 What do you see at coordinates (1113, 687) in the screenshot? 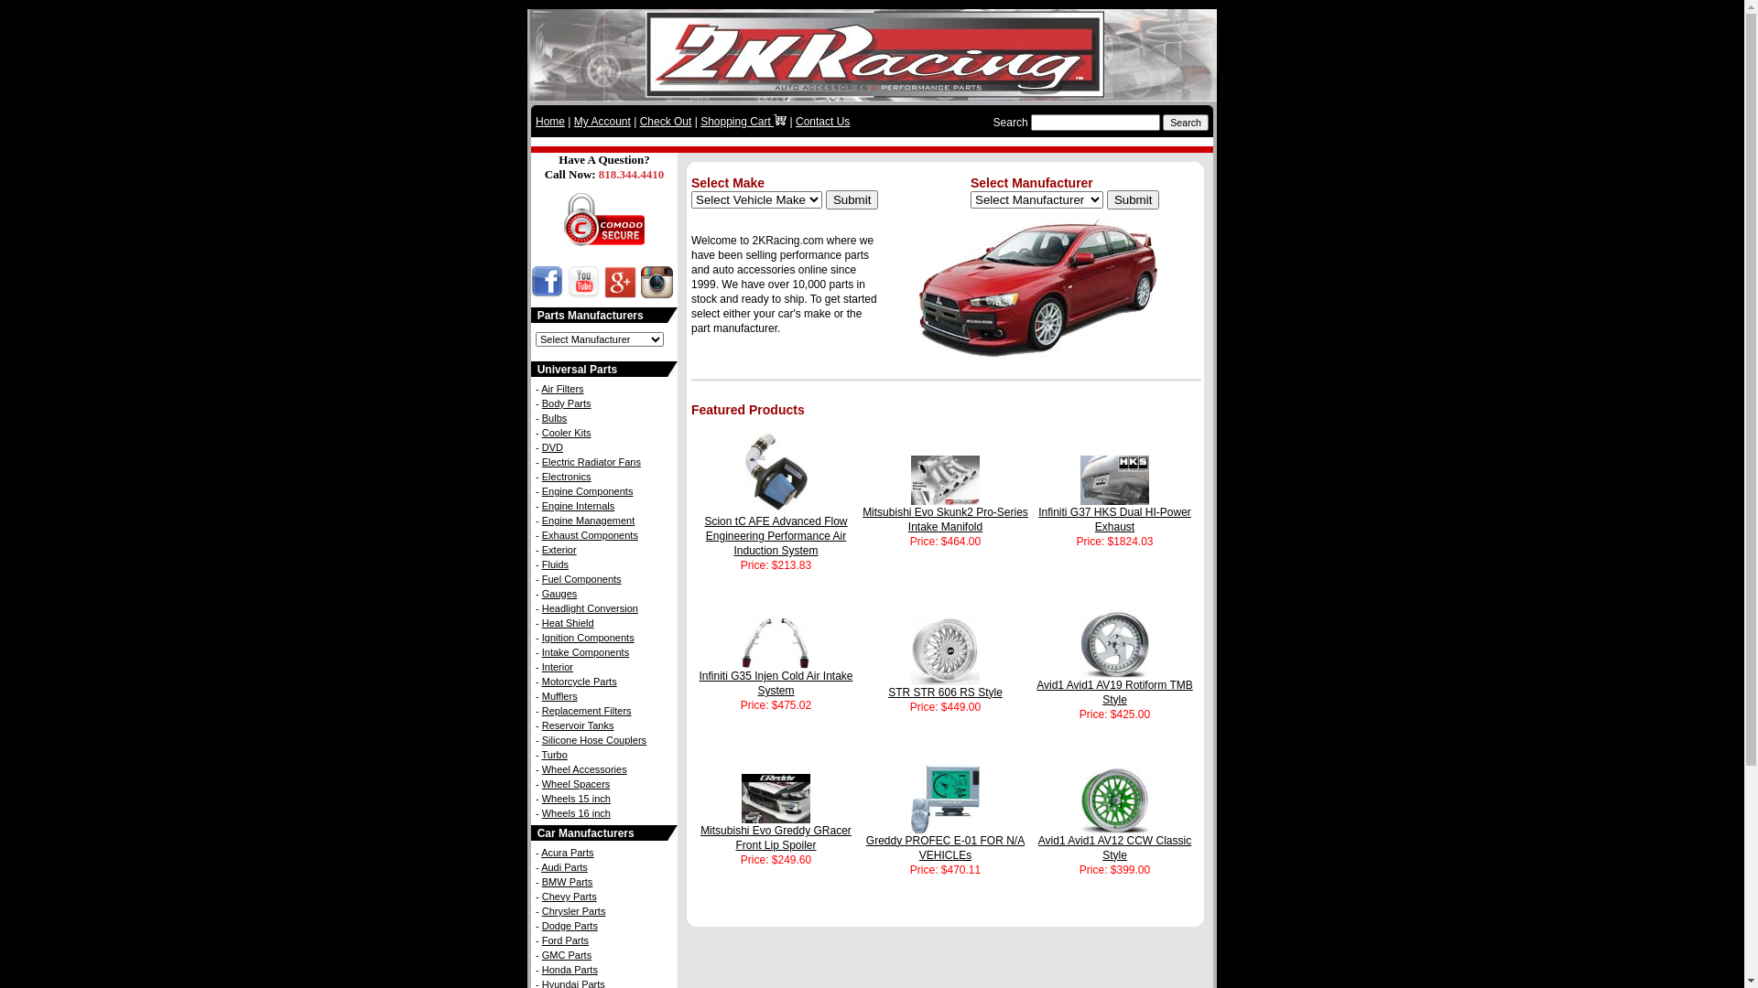
I see `'Avid1 Avid1 AV19 Rotiform TMB Style'` at bounding box center [1113, 687].